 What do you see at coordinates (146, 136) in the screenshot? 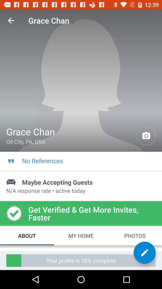
I see `the icon on the right` at bounding box center [146, 136].